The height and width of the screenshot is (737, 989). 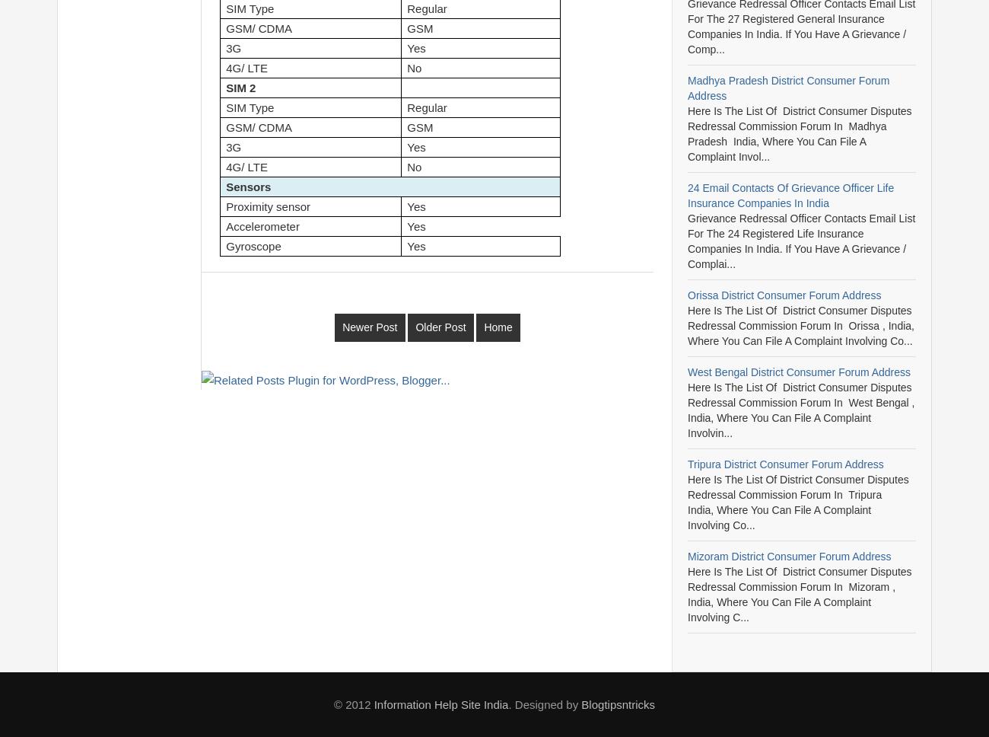 What do you see at coordinates (352, 704) in the screenshot?
I see `'© 2012'` at bounding box center [352, 704].